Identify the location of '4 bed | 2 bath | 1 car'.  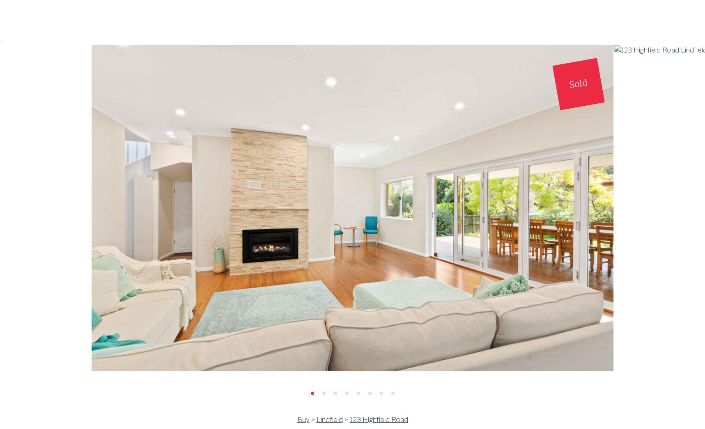
(170, 169).